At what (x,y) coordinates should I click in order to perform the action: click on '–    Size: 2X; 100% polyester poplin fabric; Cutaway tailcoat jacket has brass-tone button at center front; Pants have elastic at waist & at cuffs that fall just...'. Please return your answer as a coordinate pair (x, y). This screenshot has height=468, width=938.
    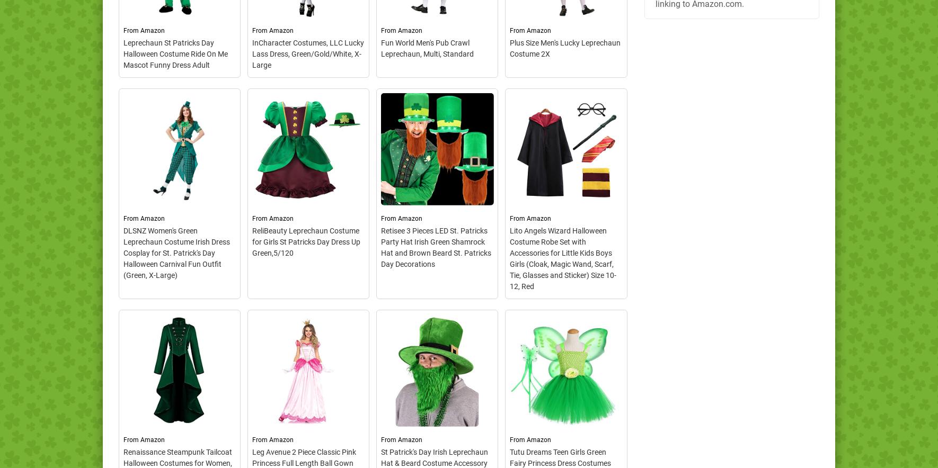
    Looking at the image, I should click on (566, 188).